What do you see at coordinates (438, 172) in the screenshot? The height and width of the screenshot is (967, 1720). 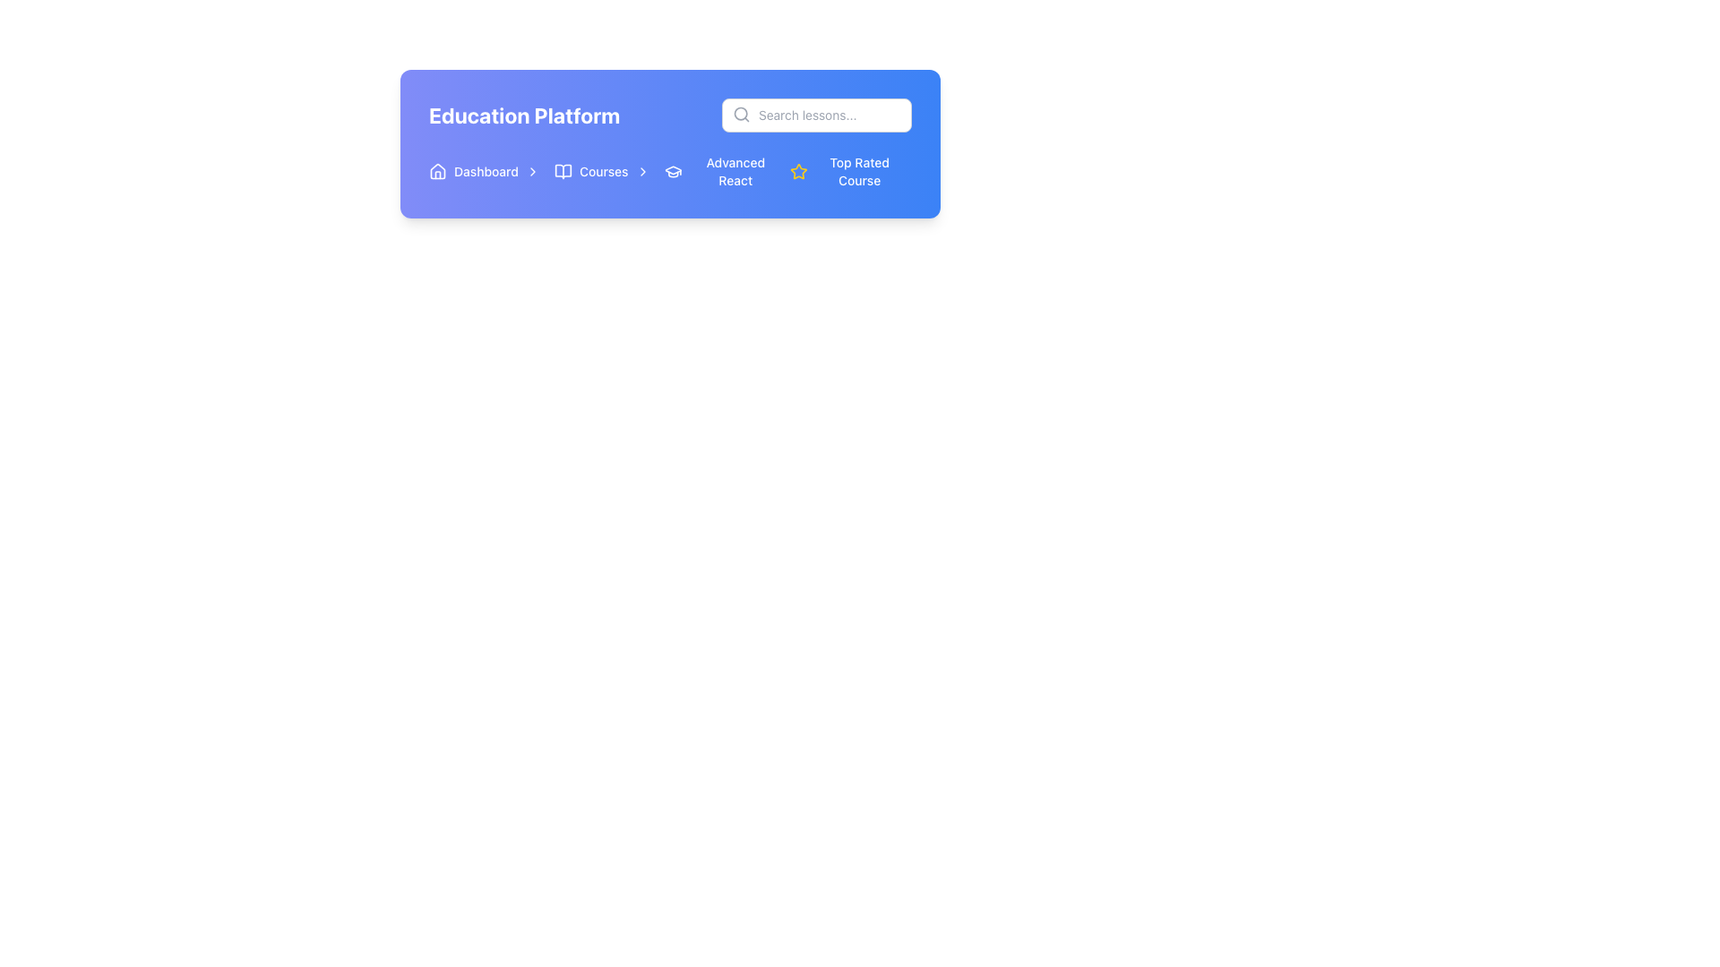 I see `the 'Dashboard' icon` at bounding box center [438, 172].